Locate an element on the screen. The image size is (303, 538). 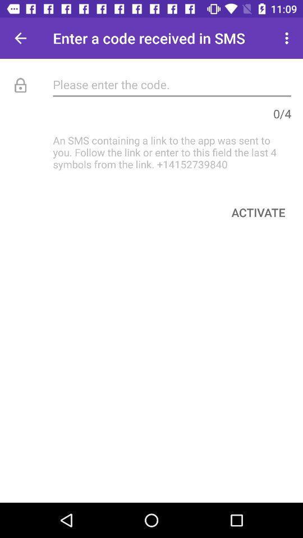
the icon to the right of enter a code icon is located at coordinates (288, 38).